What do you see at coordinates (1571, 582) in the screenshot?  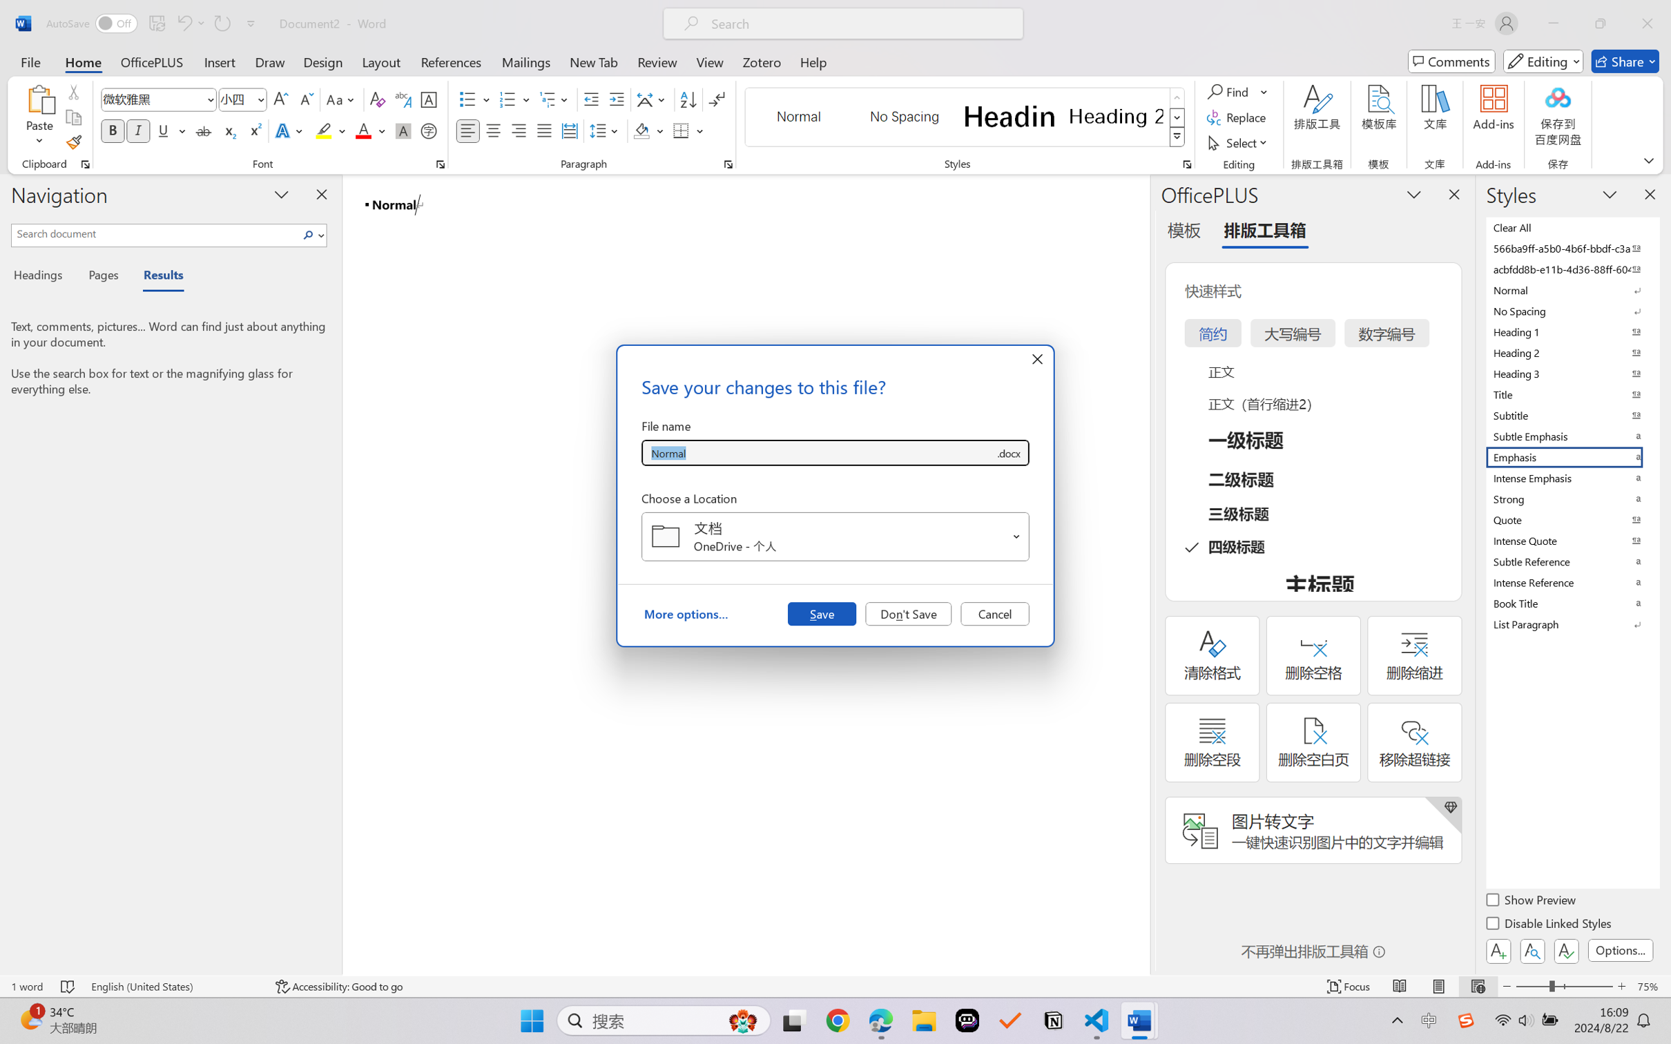 I see `'Intense Reference'` at bounding box center [1571, 582].